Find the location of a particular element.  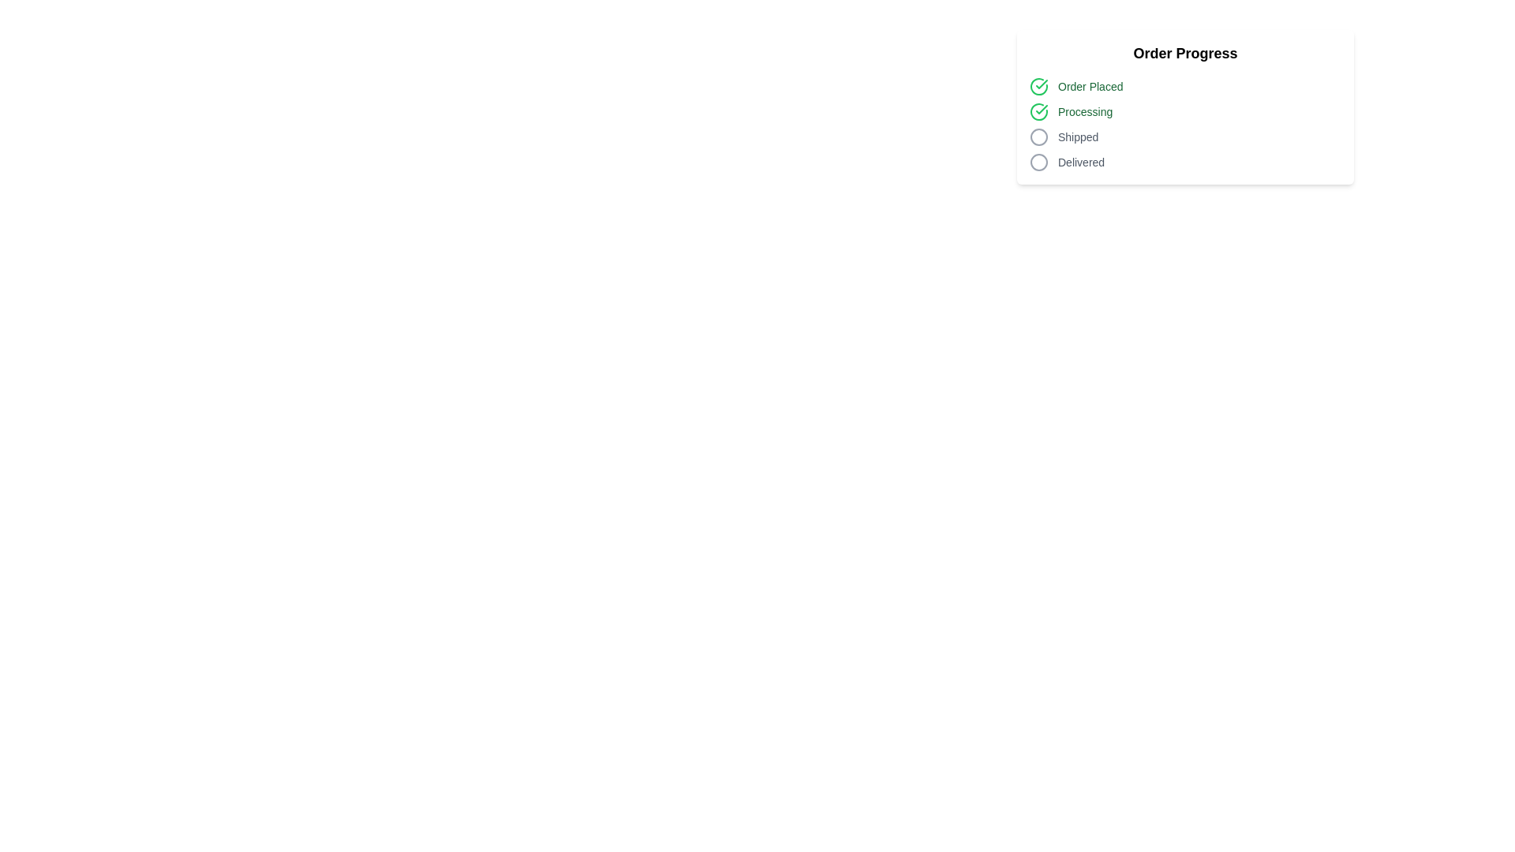

the 'Order Placed' text label is located at coordinates (1090, 87).